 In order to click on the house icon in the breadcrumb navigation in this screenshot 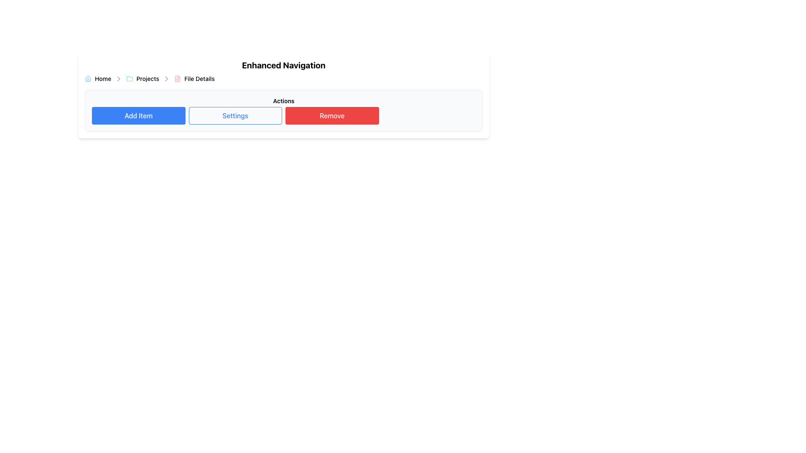, I will do `click(88, 78)`.